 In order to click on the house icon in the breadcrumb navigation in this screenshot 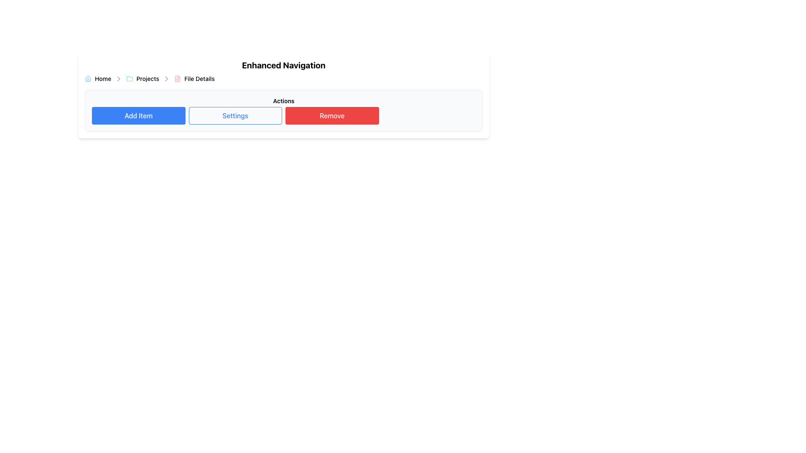, I will do `click(88, 78)`.